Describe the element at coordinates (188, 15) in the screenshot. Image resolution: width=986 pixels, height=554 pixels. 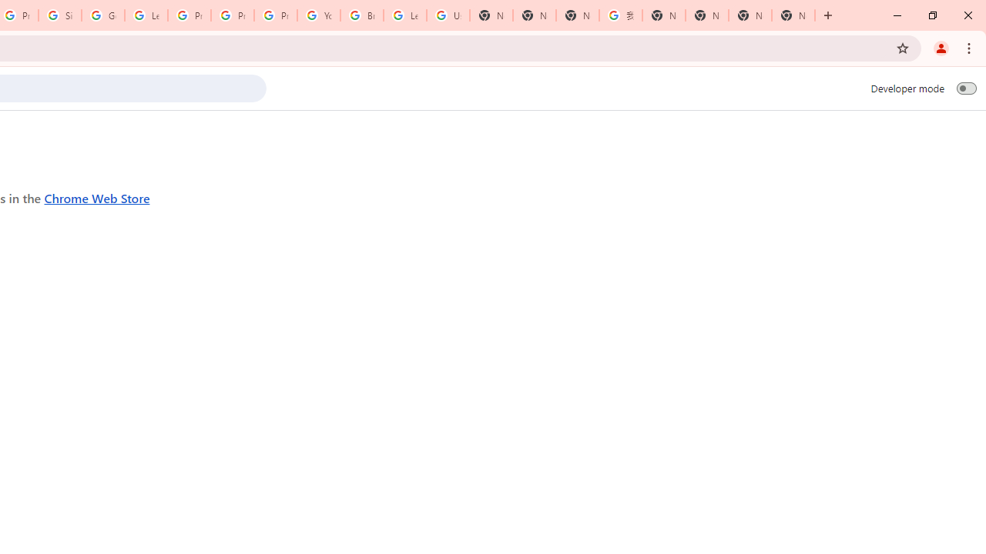
I see `'Privacy Help Center - Policies Help'` at that location.